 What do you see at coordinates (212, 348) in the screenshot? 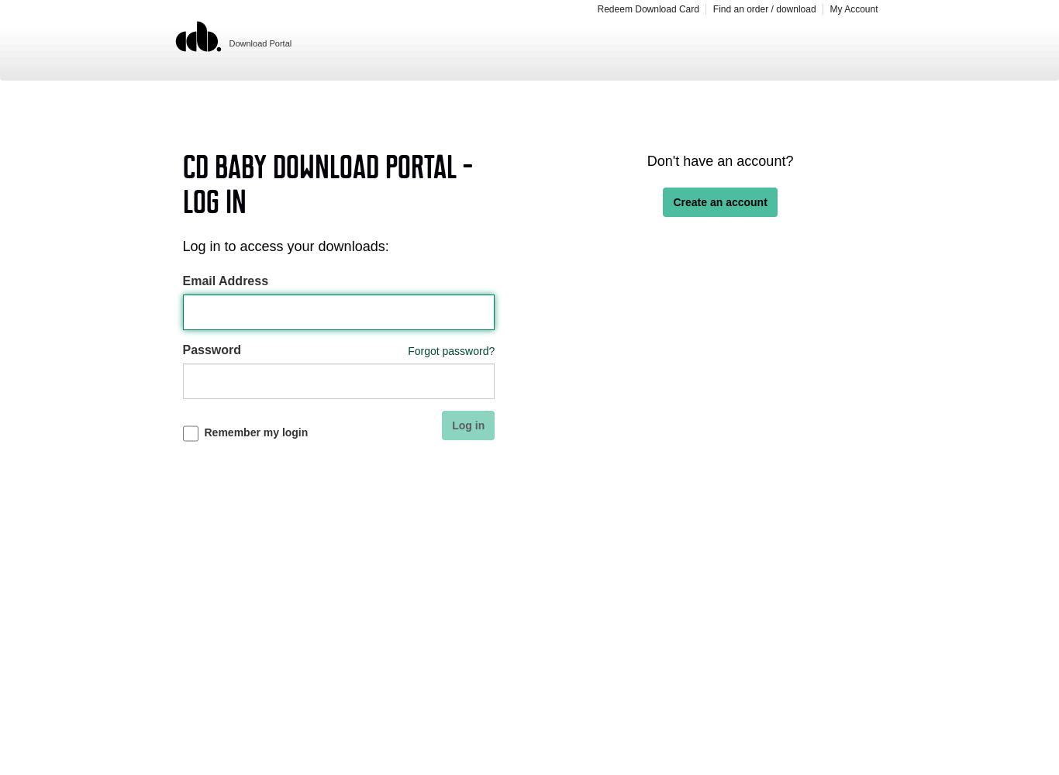
I see `'Password'` at bounding box center [212, 348].